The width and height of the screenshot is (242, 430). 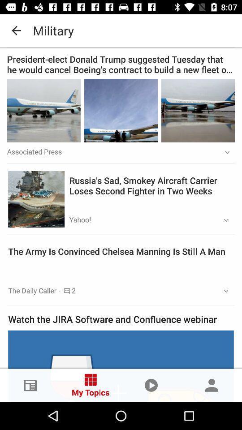 I want to click on first dropdown from top, so click(x=224, y=152).